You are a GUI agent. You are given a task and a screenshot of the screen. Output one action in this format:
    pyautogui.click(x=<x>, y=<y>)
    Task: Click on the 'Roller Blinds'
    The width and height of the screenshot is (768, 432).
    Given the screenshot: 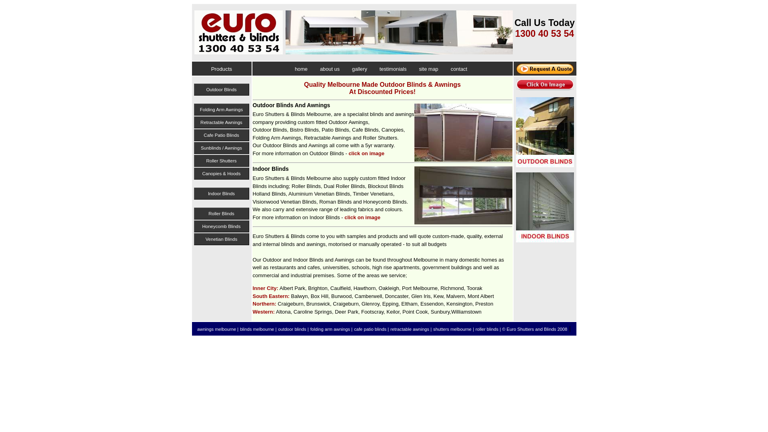 What is the action you would take?
    pyautogui.click(x=221, y=213)
    